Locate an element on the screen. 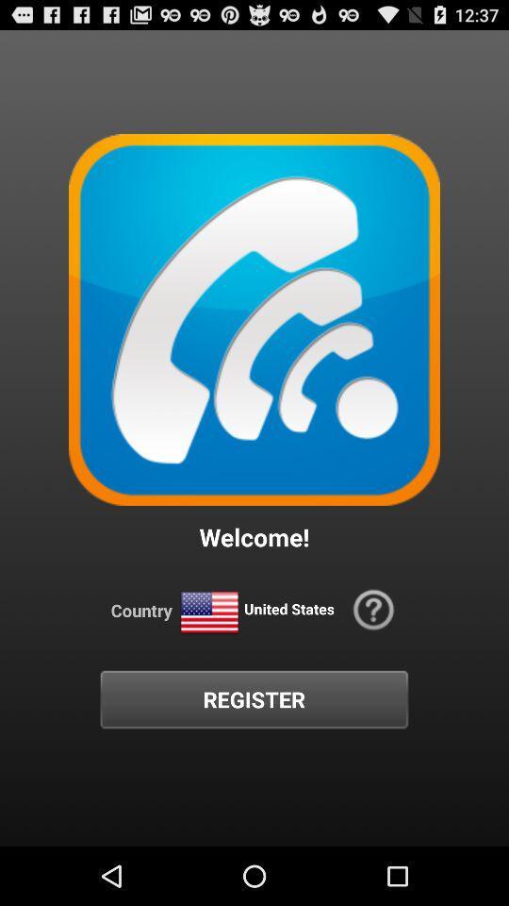  us user is located at coordinates (208, 612).